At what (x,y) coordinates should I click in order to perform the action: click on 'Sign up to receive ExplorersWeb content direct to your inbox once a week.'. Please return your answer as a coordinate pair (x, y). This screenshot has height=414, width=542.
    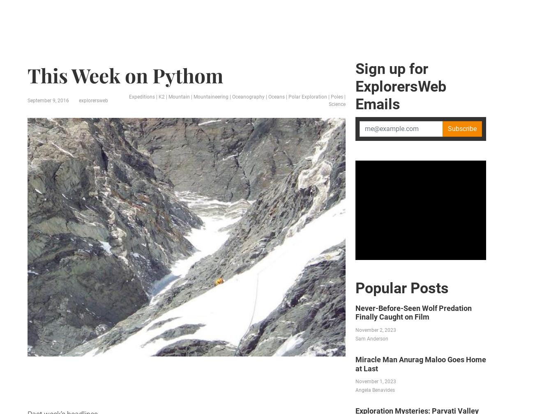
    Looking at the image, I should click on (249, 390).